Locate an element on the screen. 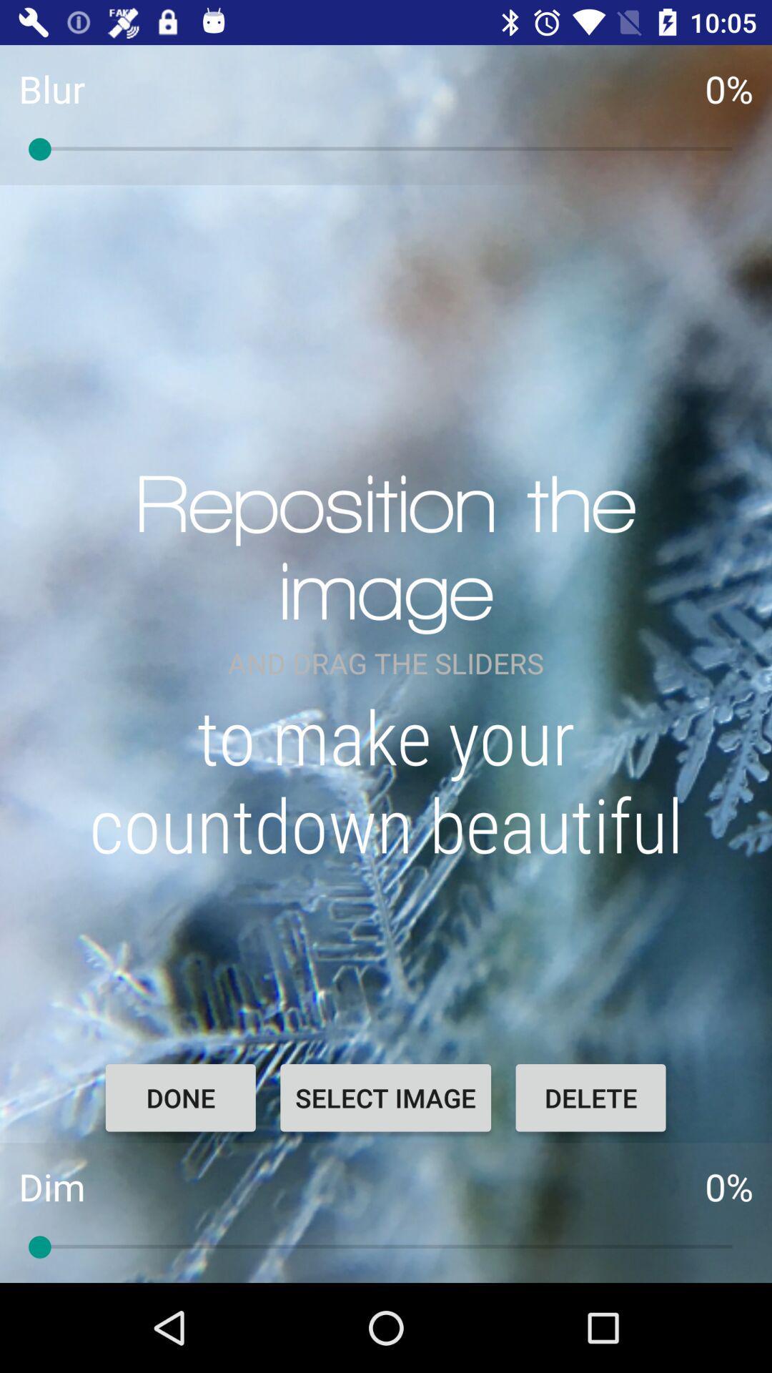  icon next to select image is located at coordinates (590, 1097).